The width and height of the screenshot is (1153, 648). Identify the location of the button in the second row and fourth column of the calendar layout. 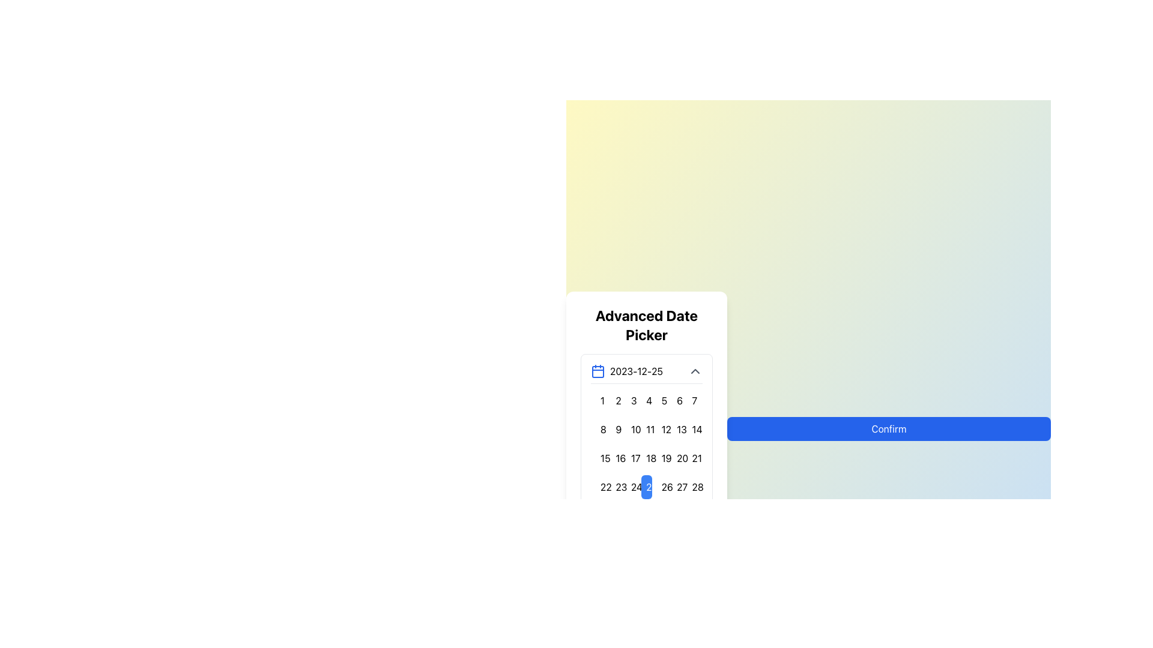
(646, 428).